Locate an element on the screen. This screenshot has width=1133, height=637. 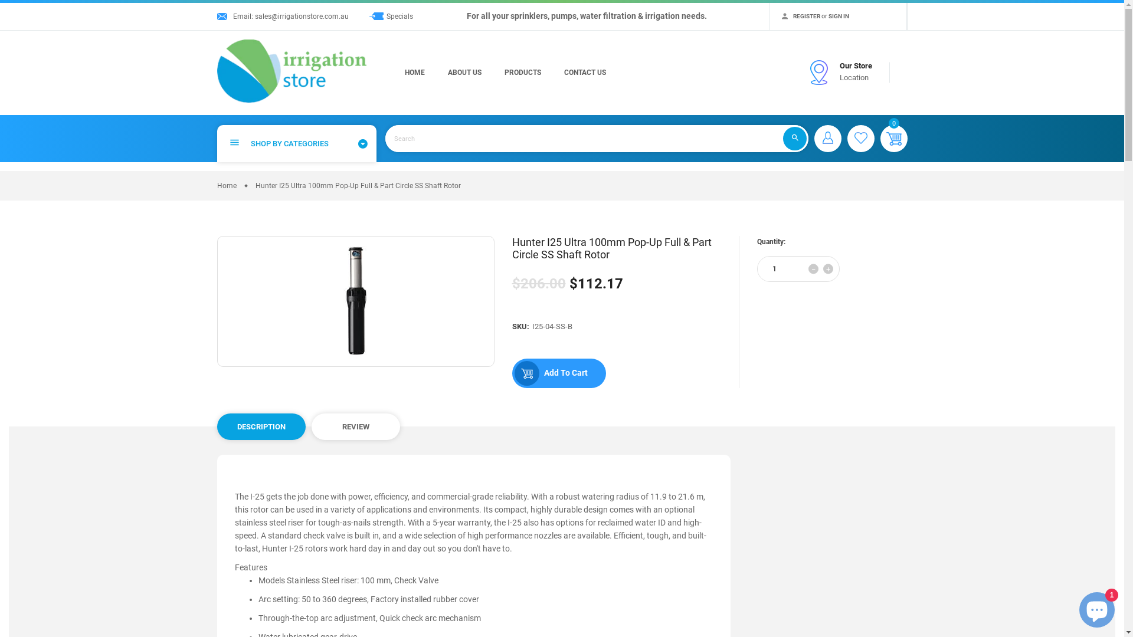
'SIGN IN' is located at coordinates (838, 16).